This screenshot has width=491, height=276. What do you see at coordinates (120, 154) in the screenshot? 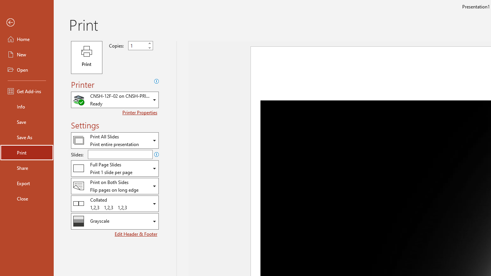
I see `'Slides'` at bounding box center [120, 154].